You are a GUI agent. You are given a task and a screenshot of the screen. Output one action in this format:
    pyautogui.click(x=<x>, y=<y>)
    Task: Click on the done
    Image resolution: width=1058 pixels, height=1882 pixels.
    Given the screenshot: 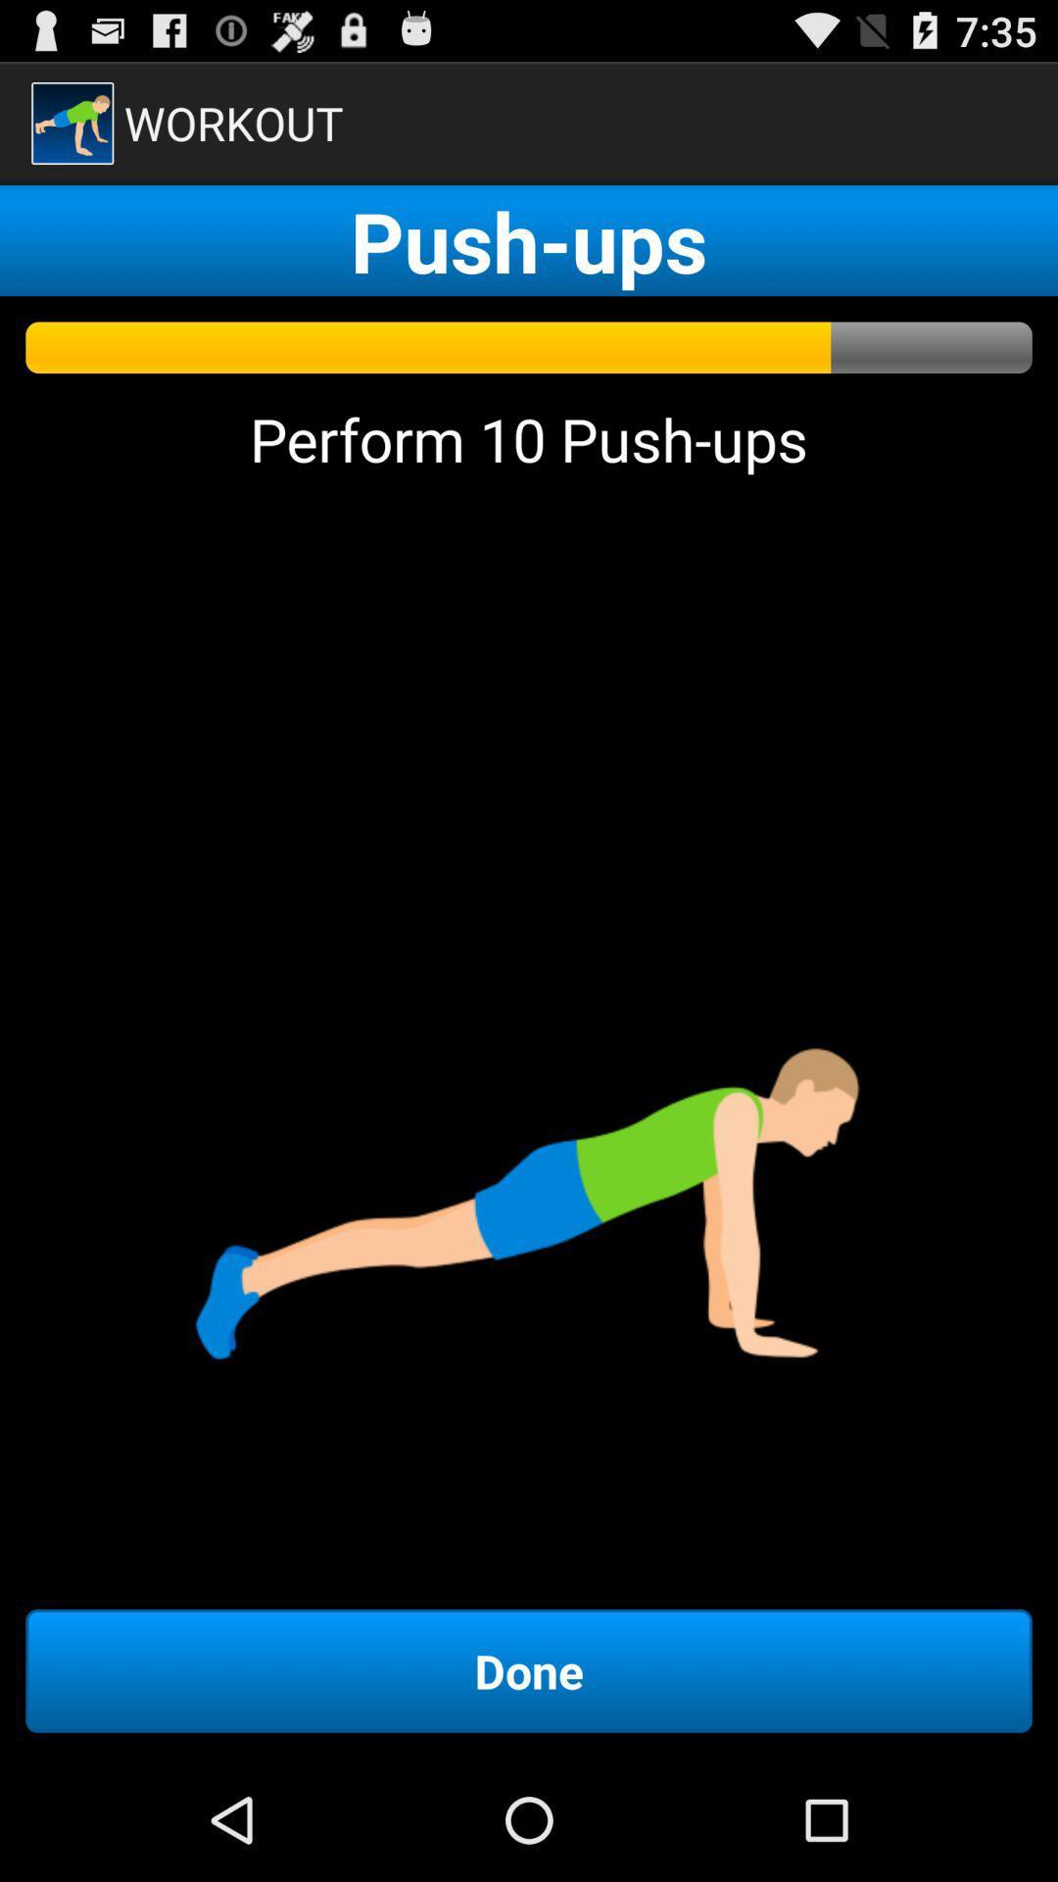 What is the action you would take?
    pyautogui.click(x=529, y=1669)
    